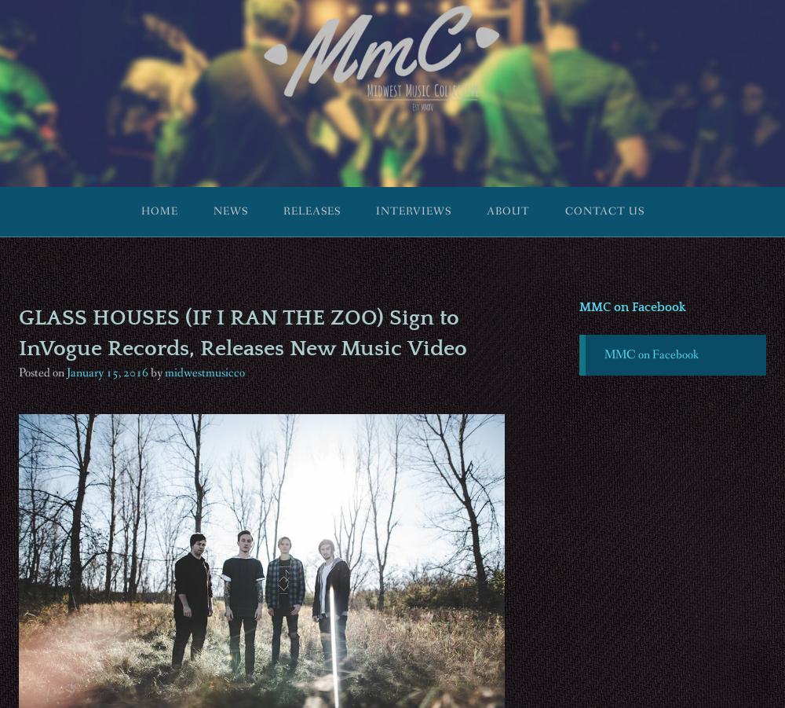 The image size is (785, 708). I want to click on 'est MMXV', so click(49, 50).